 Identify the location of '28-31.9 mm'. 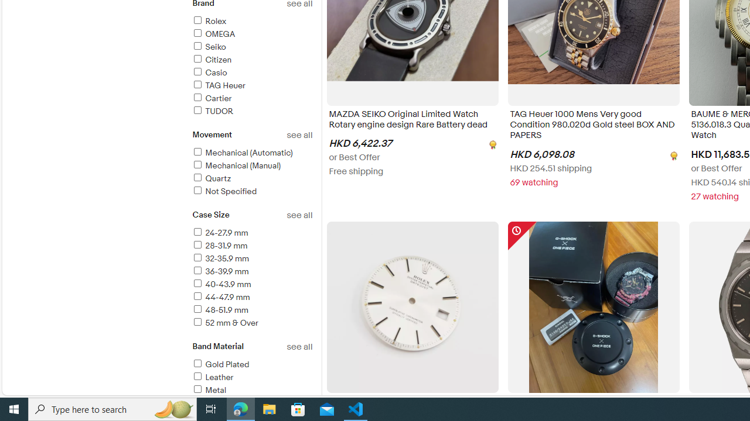
(219, 245).